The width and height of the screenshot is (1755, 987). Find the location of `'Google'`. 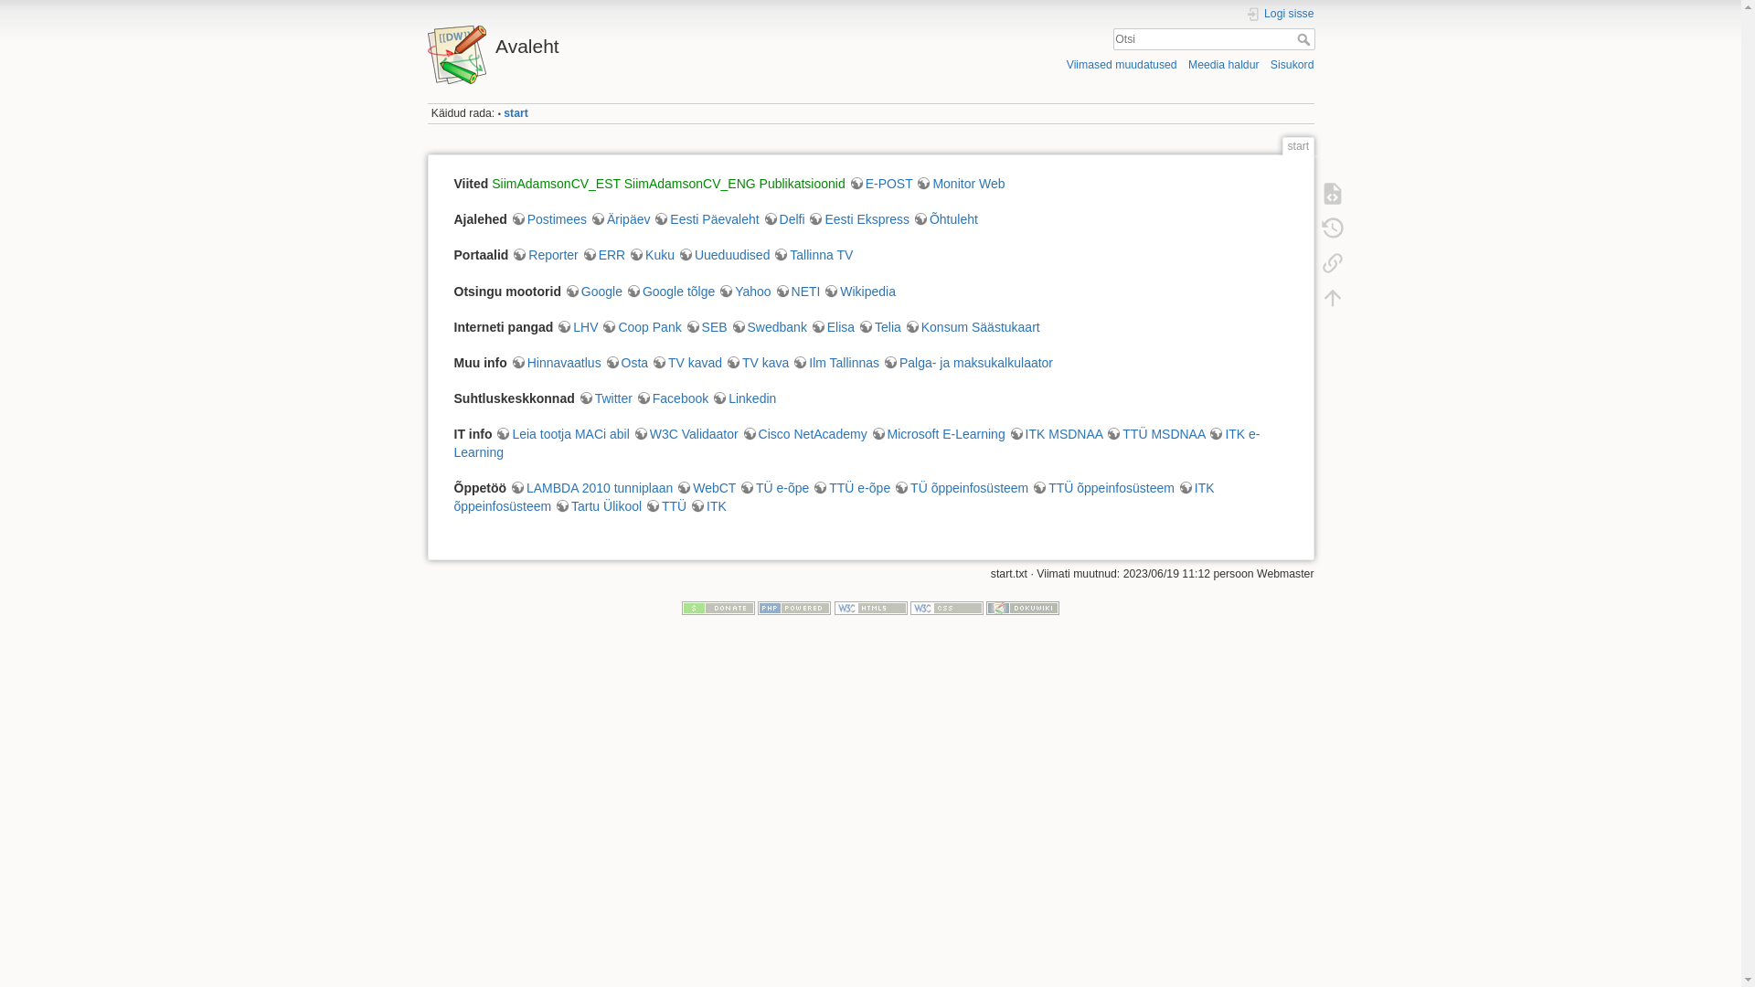

'Google' is located at coordinates (593, 291).